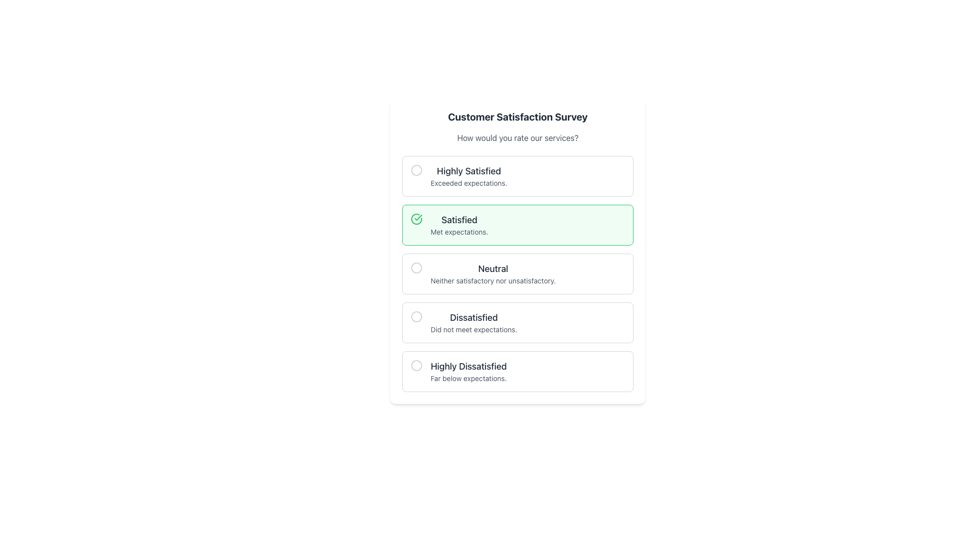 The height and width of the screenshot is (538, 957). What do you see at coordinates (416, 317) in the screenshot?
I see `the SVG Circle element that is part of the 'Dissatisfied' option's checkbox in the survey form, positioned centrally to the left of the text label` at bounding box center [416, 317].